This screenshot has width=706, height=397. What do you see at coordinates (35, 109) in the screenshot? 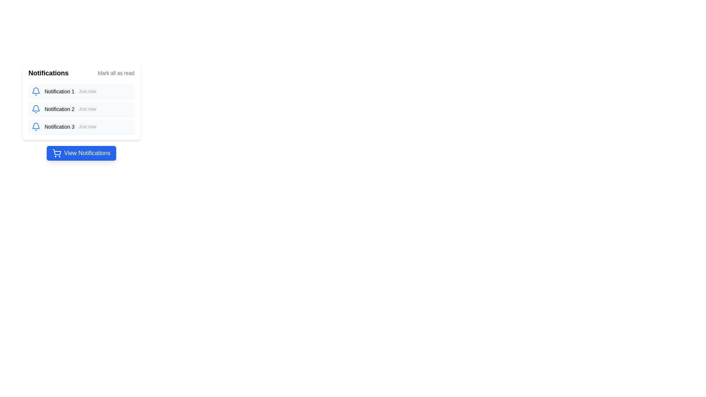
I see `the notification icon symbolizing notifications for 'Notification 2', which is located to the far left of the notification entry` at bounding box center [35, 109].